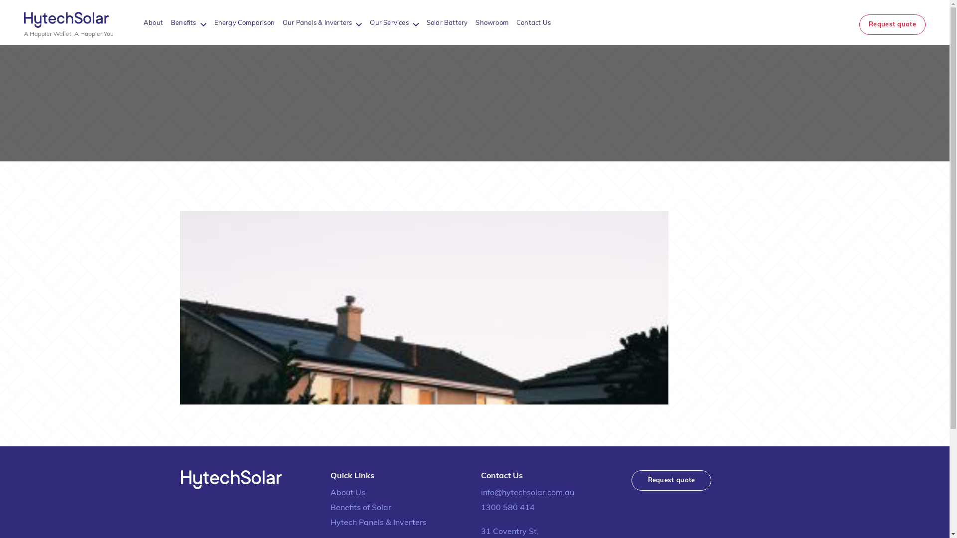 This screenshot has height=538, width=957. I want to click on 'Benefits', so click(183, 22).